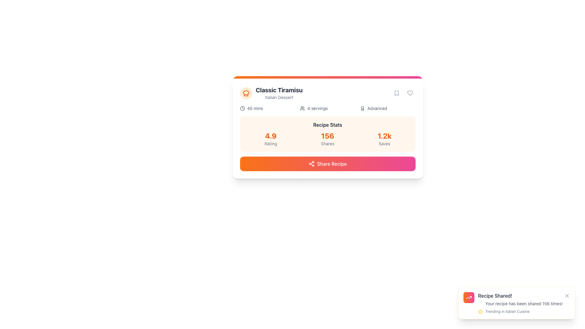 This screenshot has height=329, width=585. Describe the element at coordinates (327, 108) in the screenshot. I see `the textual data display element providing metadata about the recipe 'Classic Tiramisu', located in the mid-upper section of the card layout` at that location.